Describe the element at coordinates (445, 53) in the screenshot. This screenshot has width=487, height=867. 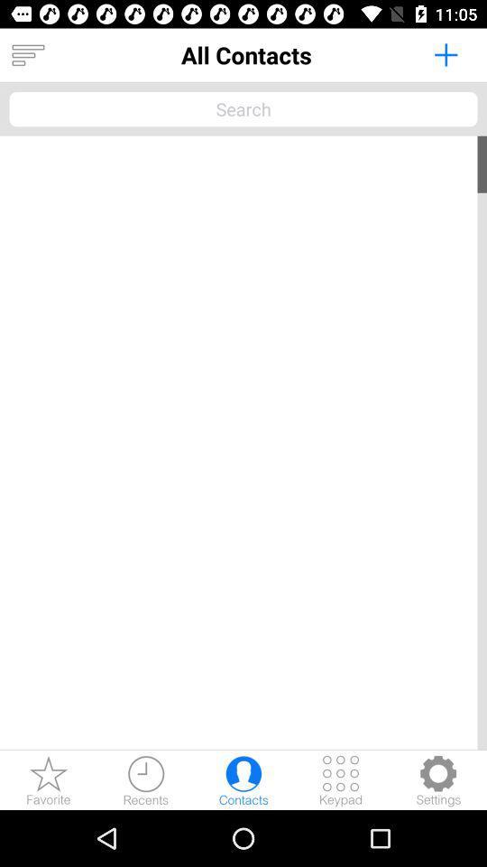
I see `new contact` at that location.